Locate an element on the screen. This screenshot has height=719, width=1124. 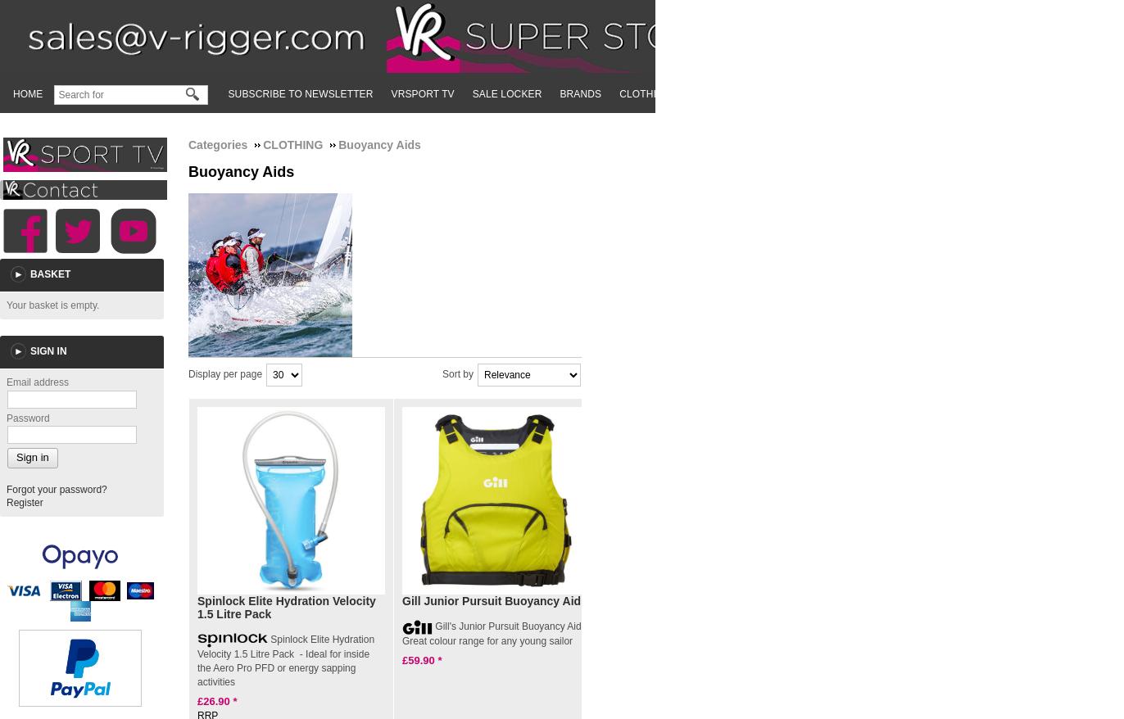
'Gill Junior Pursuit Buoyancy Aid' is located at coordinates (491, 600).